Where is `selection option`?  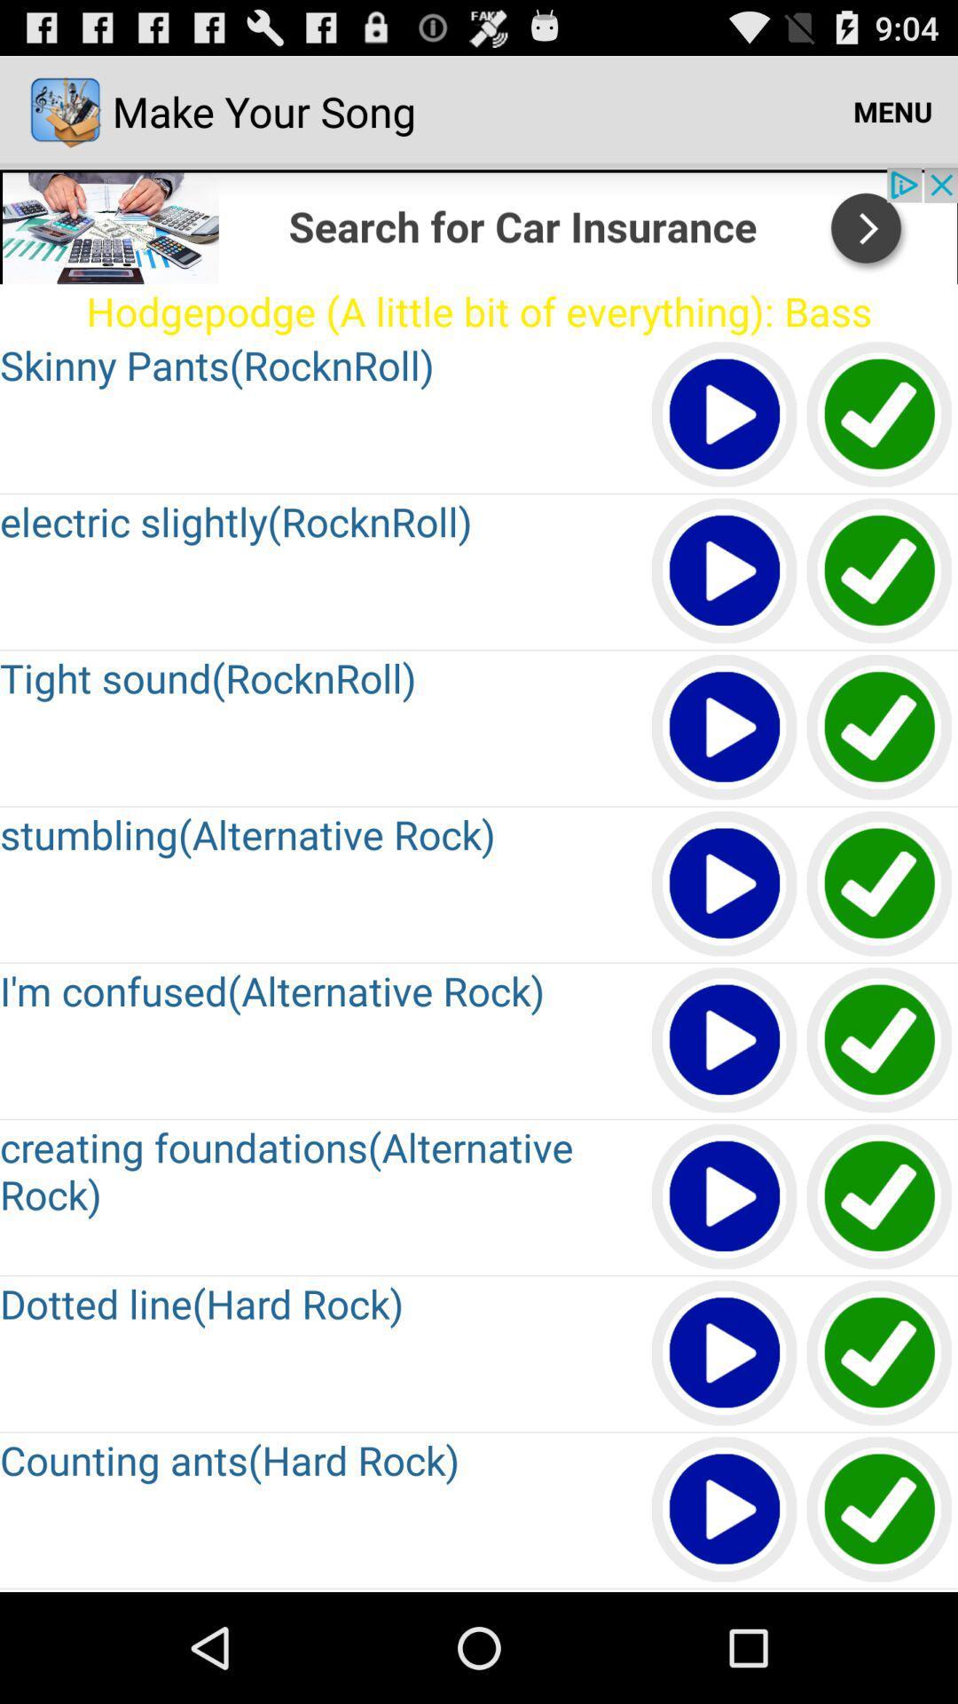 selection option is located at coordinates (880, 1197).